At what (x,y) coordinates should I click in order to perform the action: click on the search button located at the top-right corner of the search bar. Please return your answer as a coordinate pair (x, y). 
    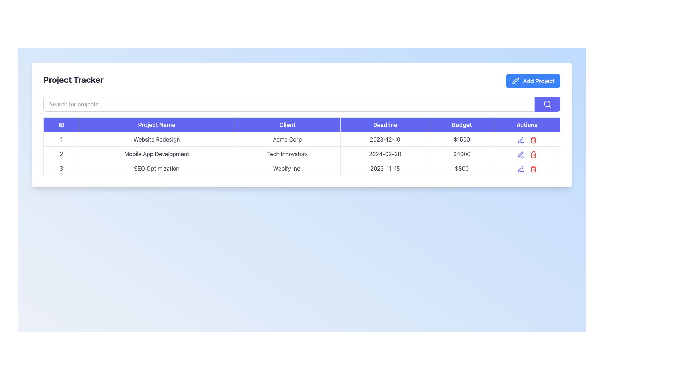
    Looking at the image, I should click on (547, 104).